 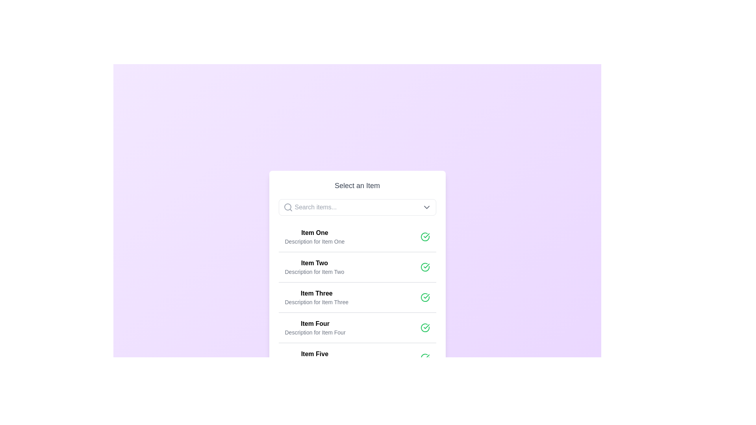 What do you see at coordinates (317, 293) in the screenshot?
I see `the bold text label reading 'Item Three' if interactive features are added` at bounding box center [317, 293].